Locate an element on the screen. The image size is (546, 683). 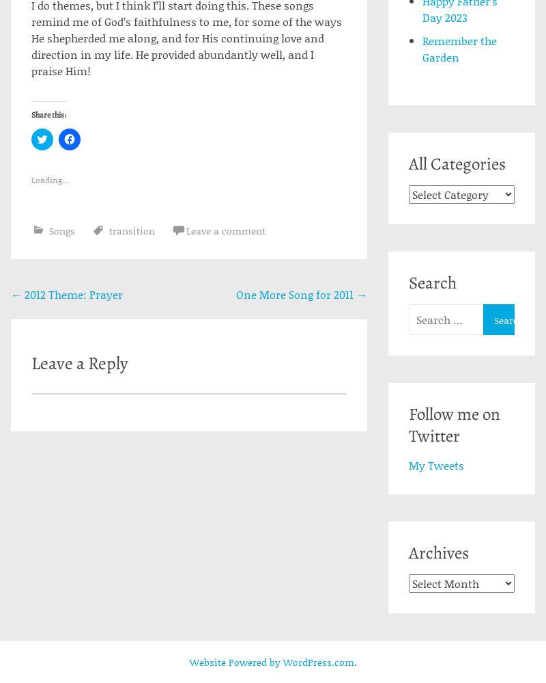
'.' is located at coordinates (354, 661).